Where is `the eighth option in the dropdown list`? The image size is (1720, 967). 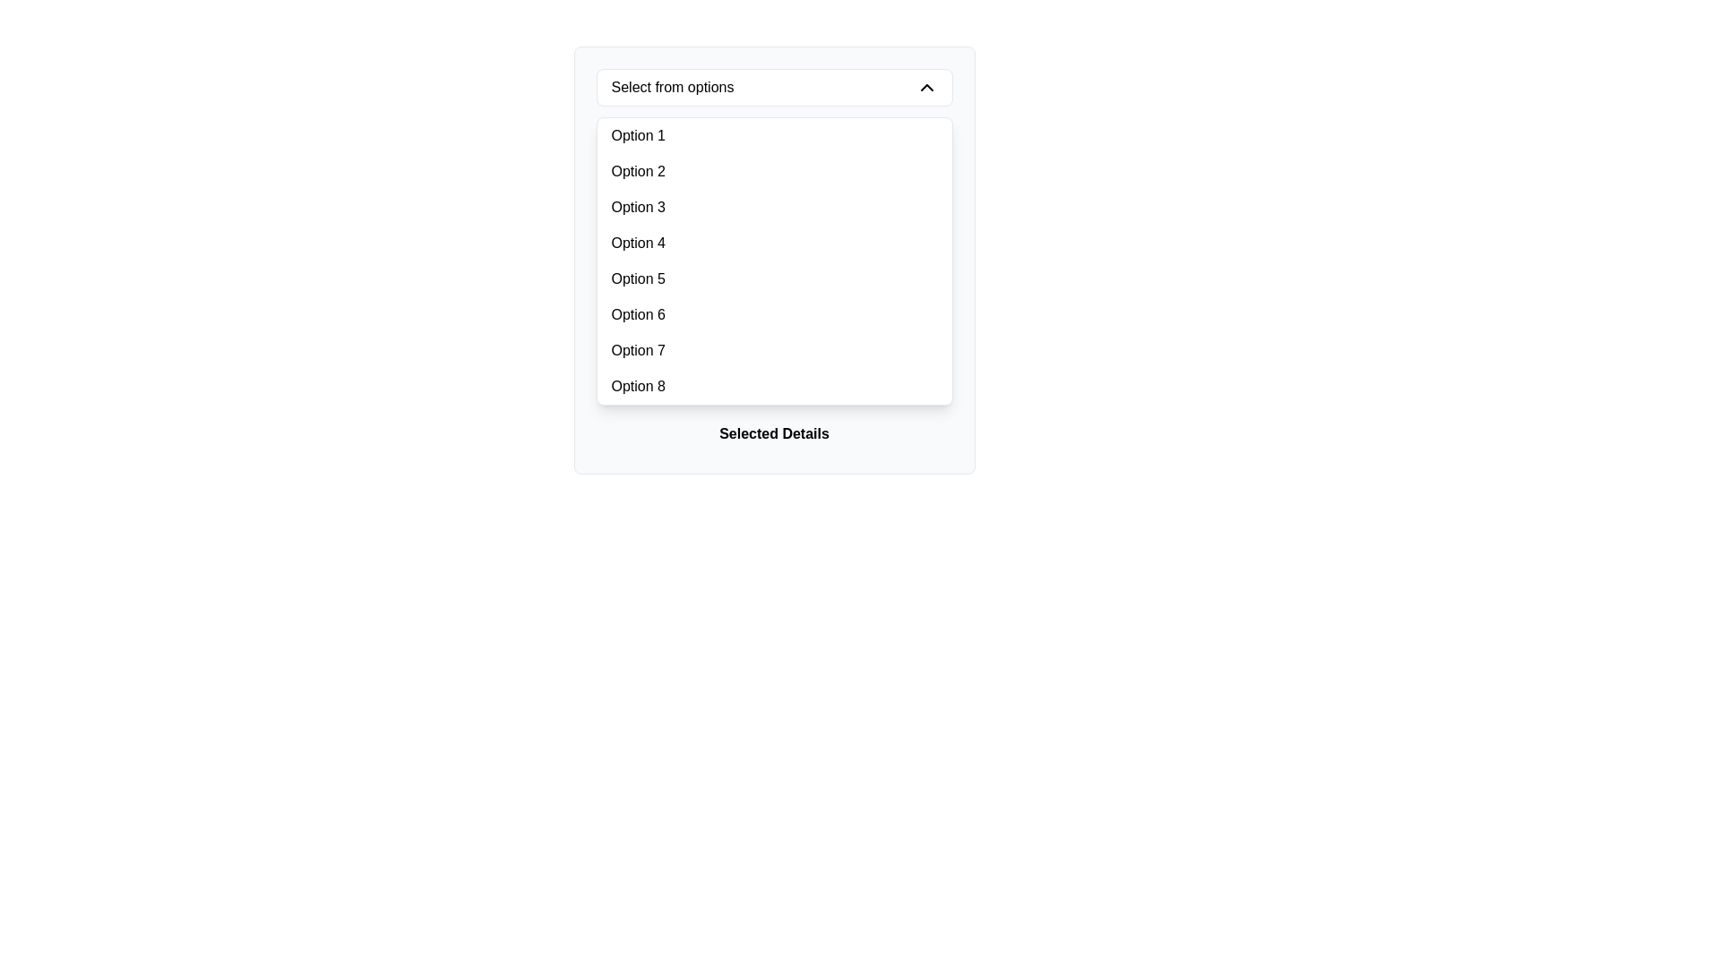 the eighth option in the dropdown list is located at coordinates (638, 386).